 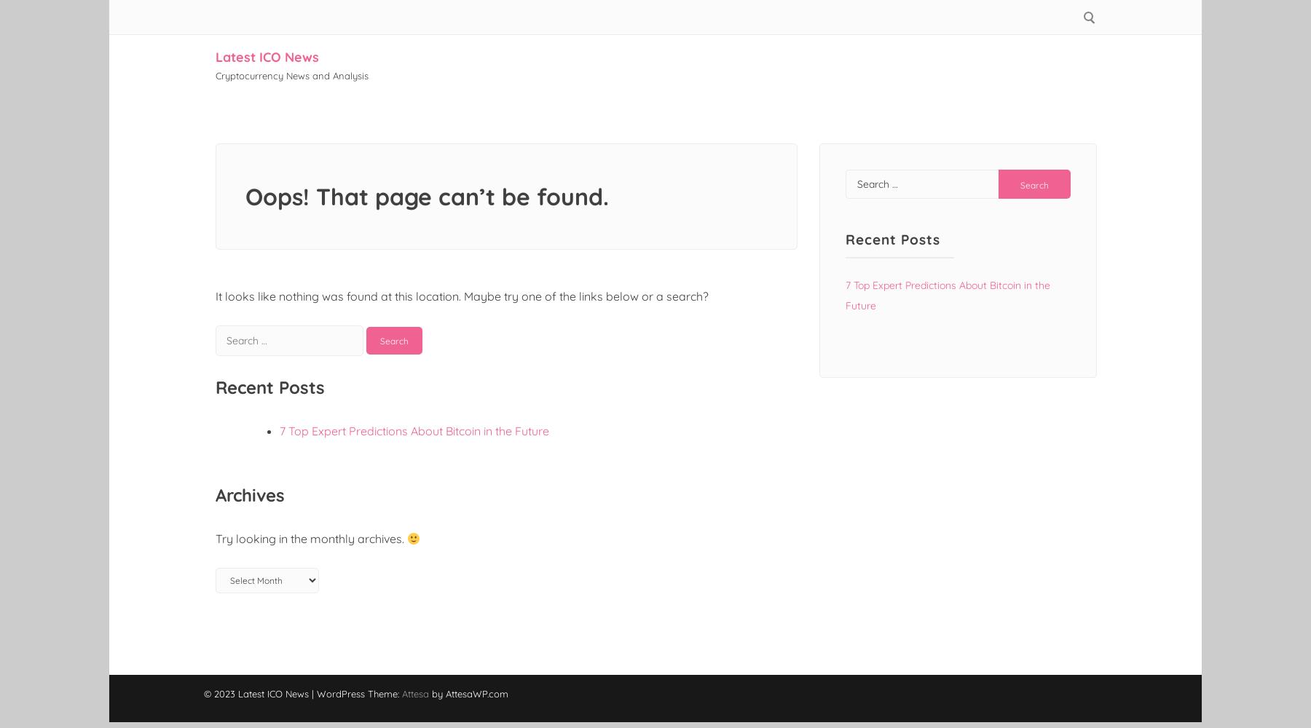 What do you see at coordinates (462, 296) in the screenshot?
I see `'It looks like nothing was found at this location. Maybe try one of the links below or a search?'` at bounding box center [462, 296].